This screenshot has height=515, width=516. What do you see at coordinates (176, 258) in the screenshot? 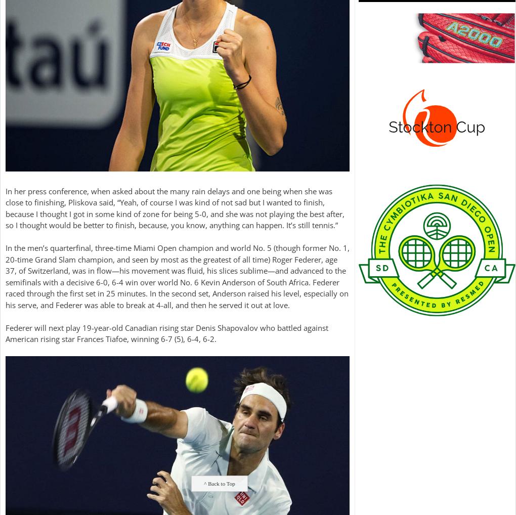
I see `'-time Grand Slam champion, and seen by most as the greatest of all time) Roger Federer, age'` at bounding box center [176, 258].